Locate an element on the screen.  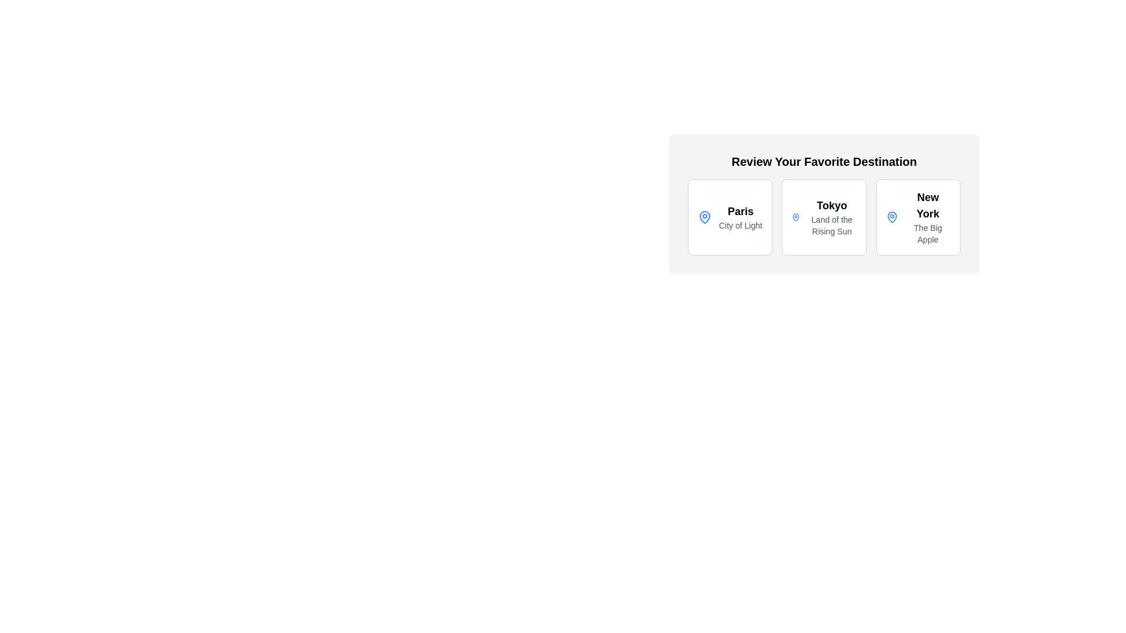
the text label reading 'Paris', which is styled with a bold and large font and positioned in the upper section of the leftmost card of a three-card arrangement is located at coordinates (740, 212).